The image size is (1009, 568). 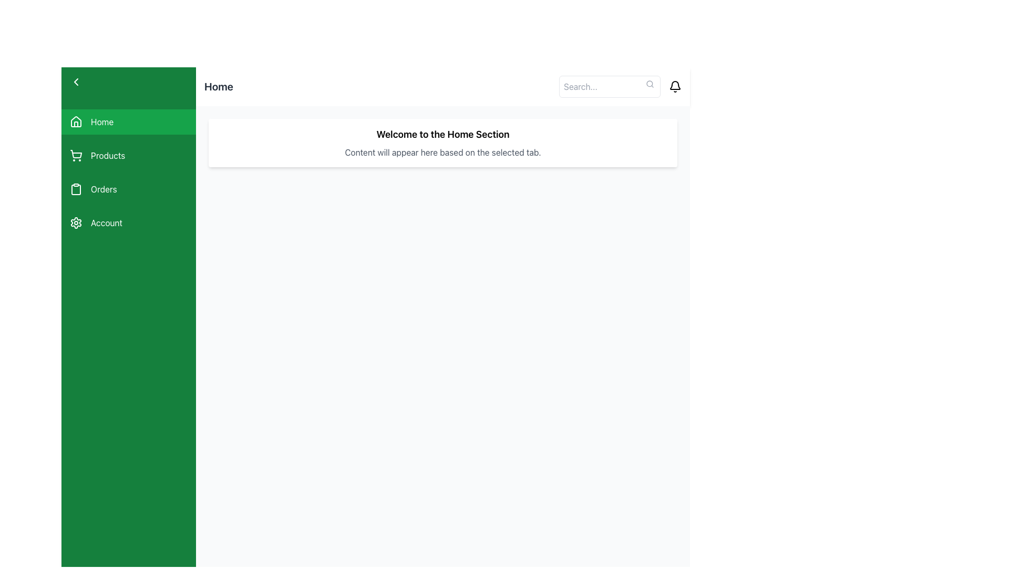 What do you see at coordinates (128, 121) in the screenshot?
I see `the green 'Home' button located in the sidebar menu` at bounding box center [128, 121].